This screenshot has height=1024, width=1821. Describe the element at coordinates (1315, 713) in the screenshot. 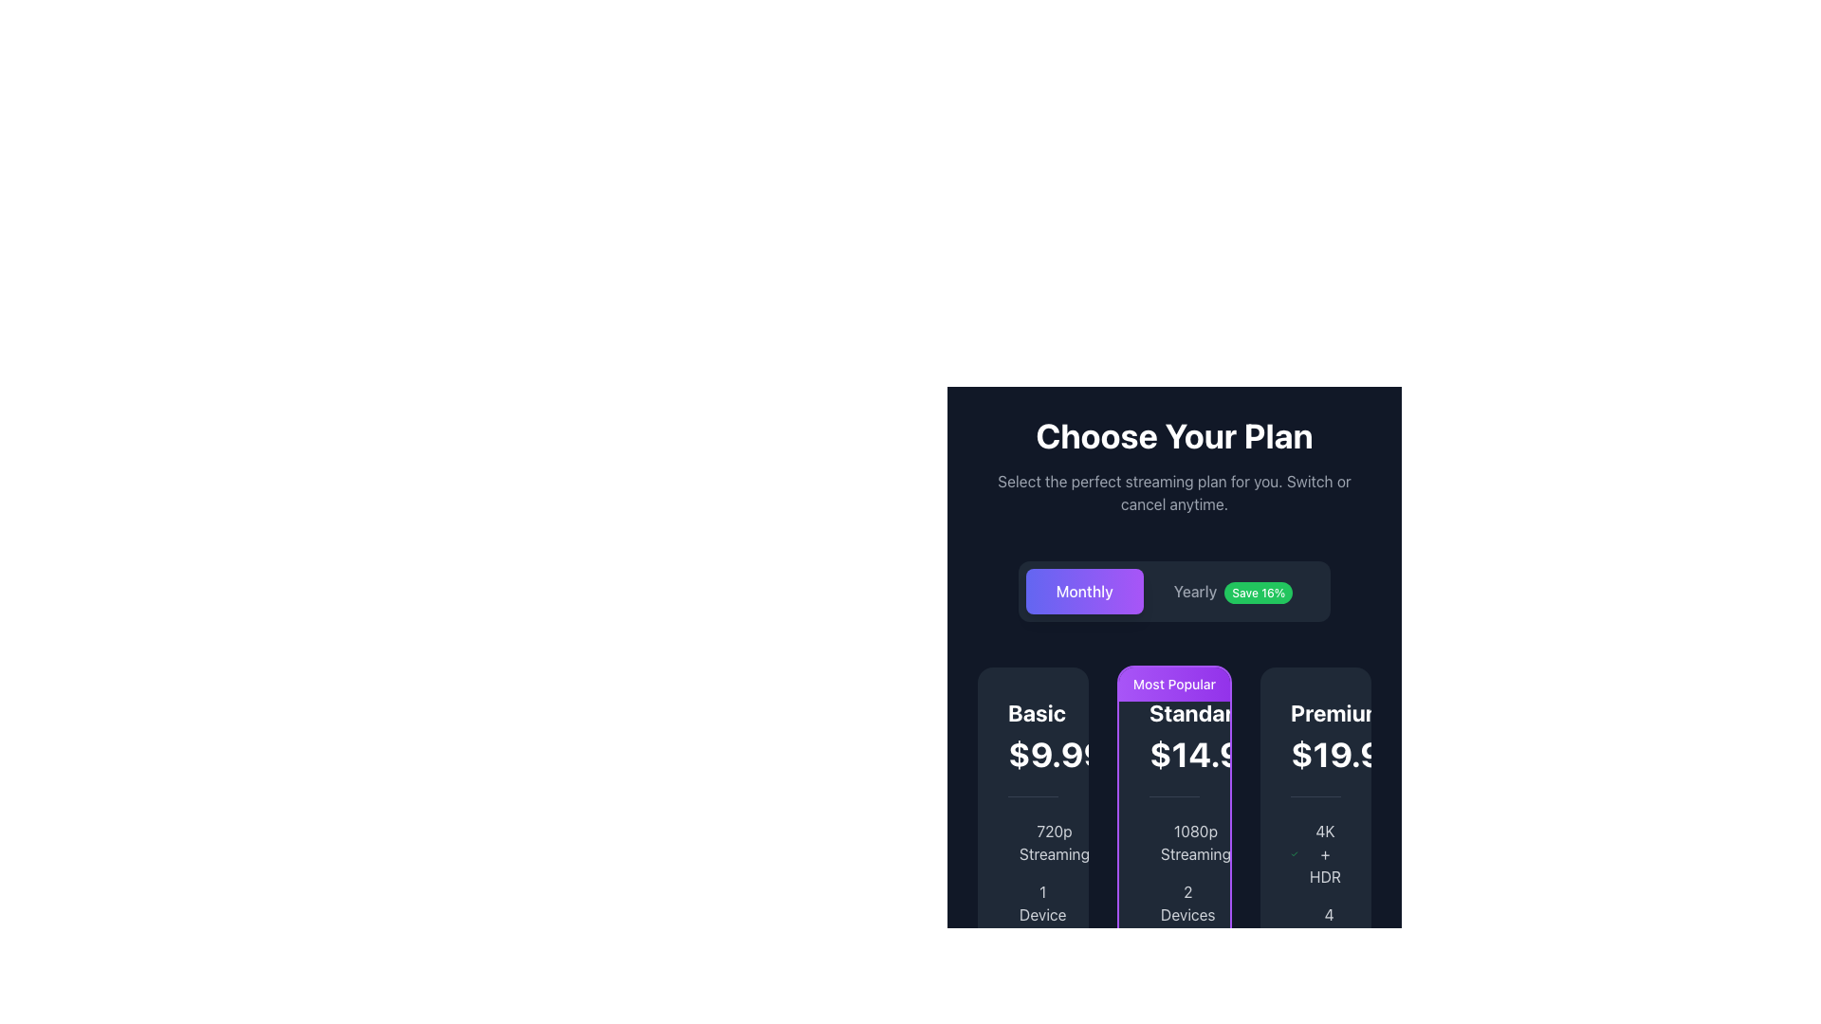

I see `the text label indicating the 'Premium' subscription plan, located at the top of the rightmost subscription card, directly above the price '$19.99'` at that location.